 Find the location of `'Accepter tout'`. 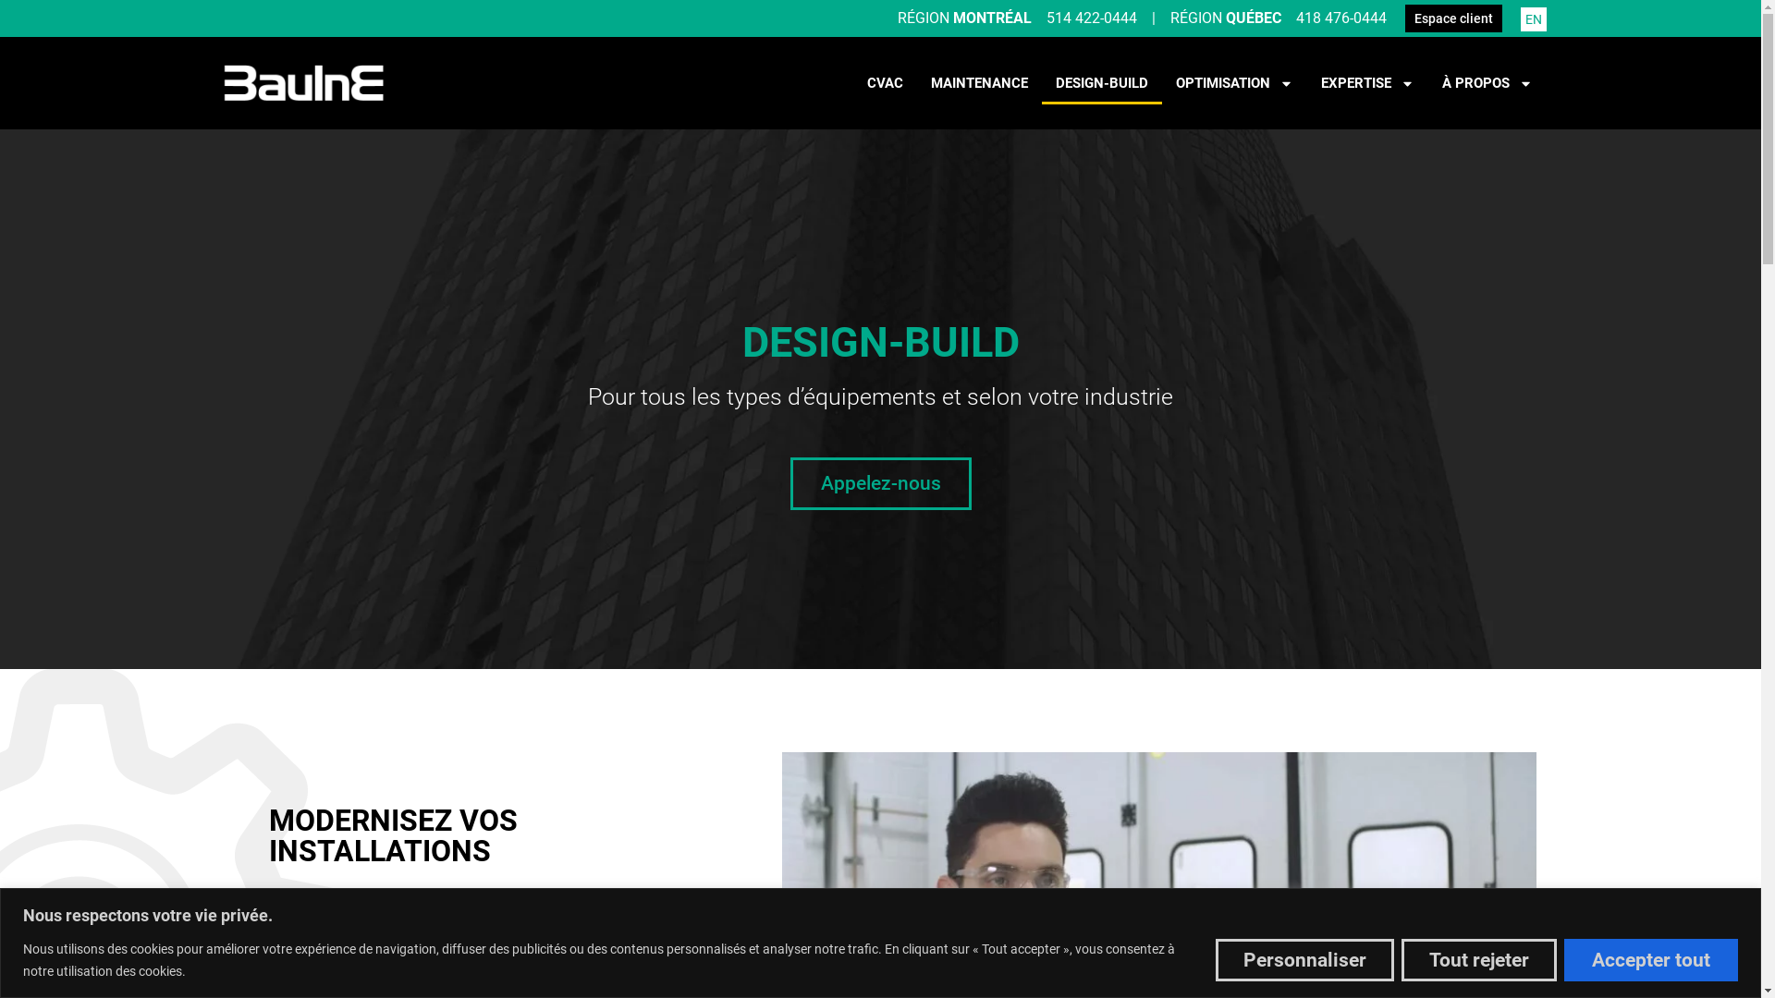

'Accepter tout' is located at coordinates (1562, 958).